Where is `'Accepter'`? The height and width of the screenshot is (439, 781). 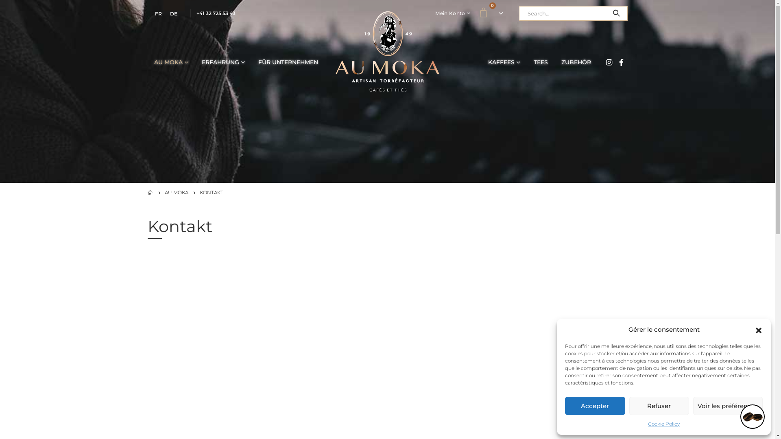
'Accepter' is located at coordinates (564, 406).